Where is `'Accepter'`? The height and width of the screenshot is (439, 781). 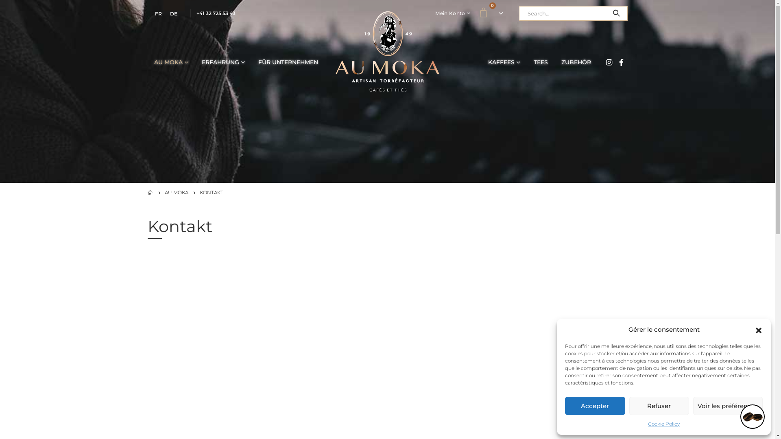
'Accepter' is located at coordinates (564, 406).